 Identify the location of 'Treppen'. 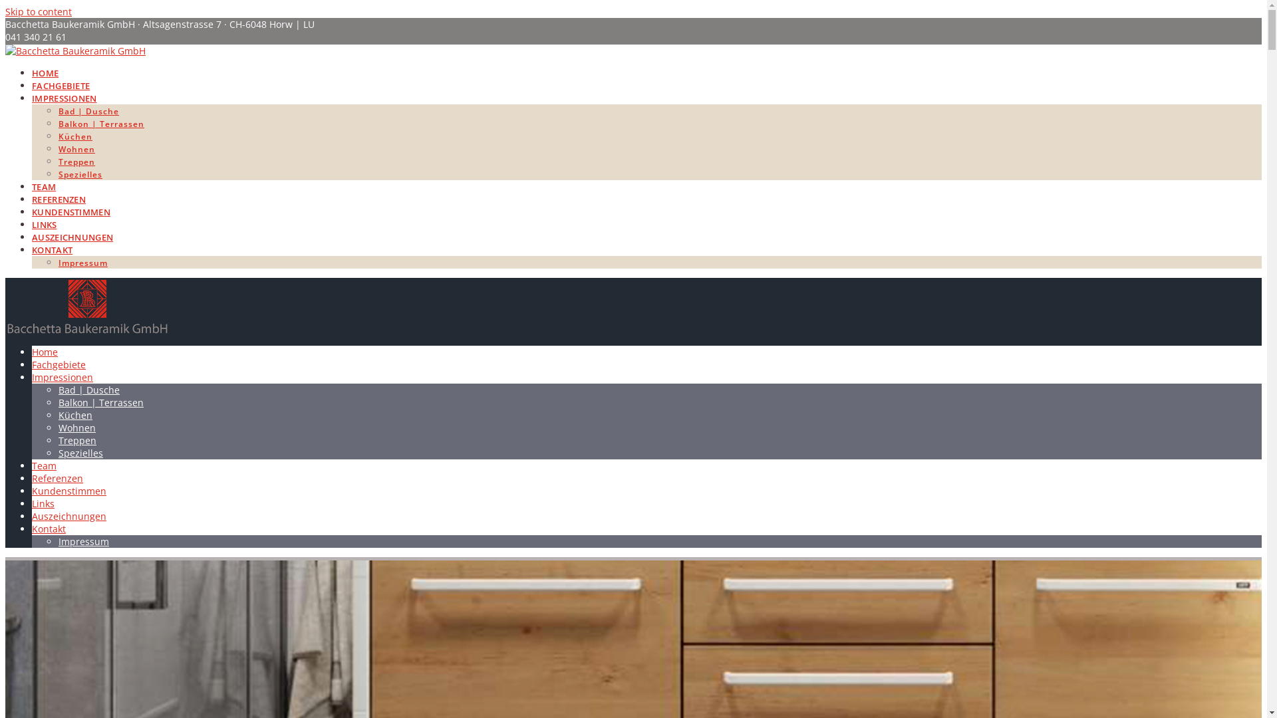
(76, 161).